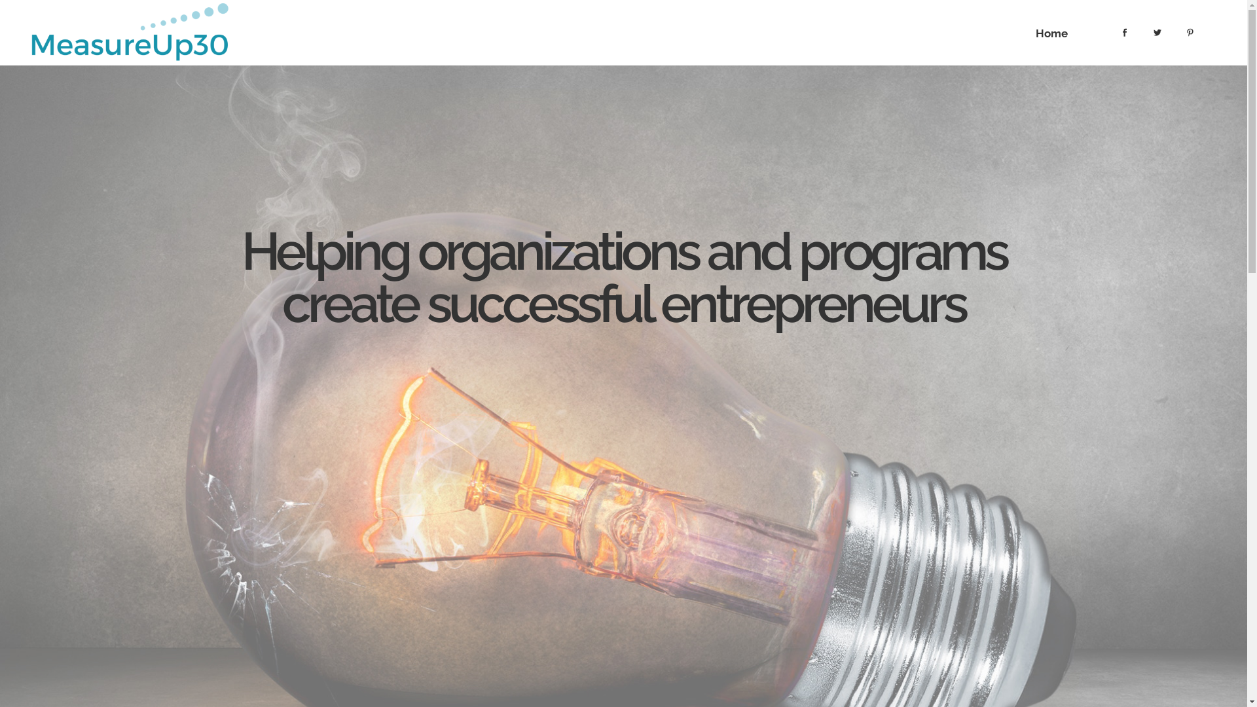  What do you see at coordinates (1051, 32) in the screenshot?
I see `'Home'` at bounding box center [1051, 32].